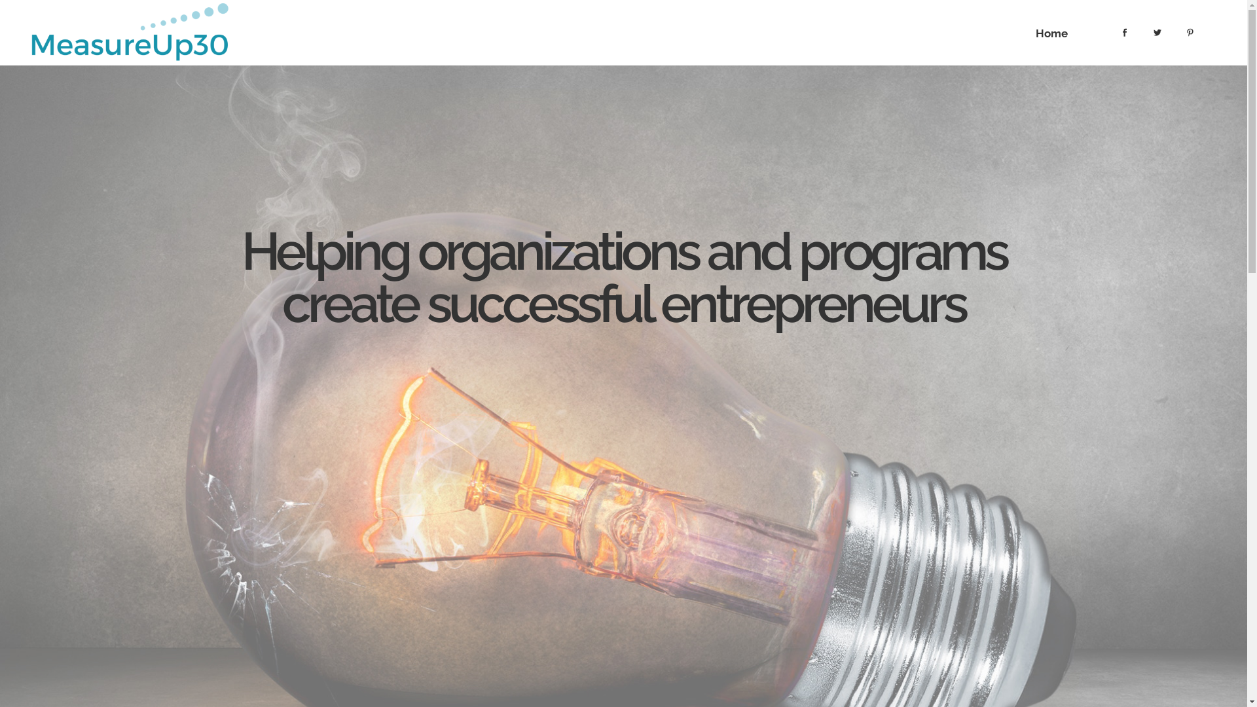  What do you see at coordinates (1051, 32) in the screenshot?
I see `'Home'` at bounding box center [1051, 32].